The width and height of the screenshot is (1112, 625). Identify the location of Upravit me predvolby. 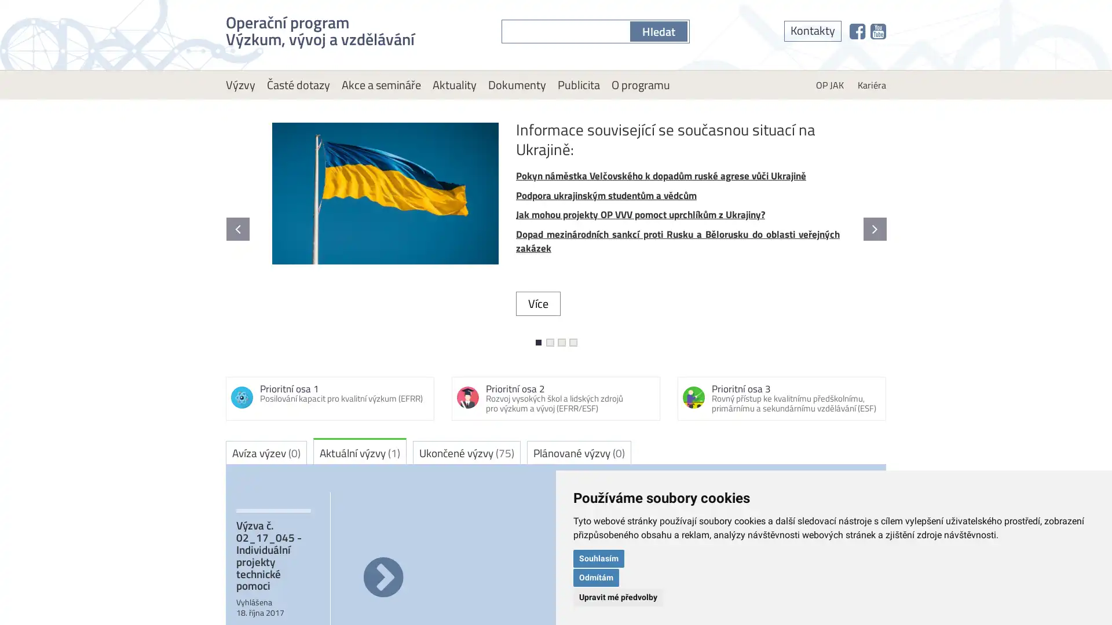
(617, 597).